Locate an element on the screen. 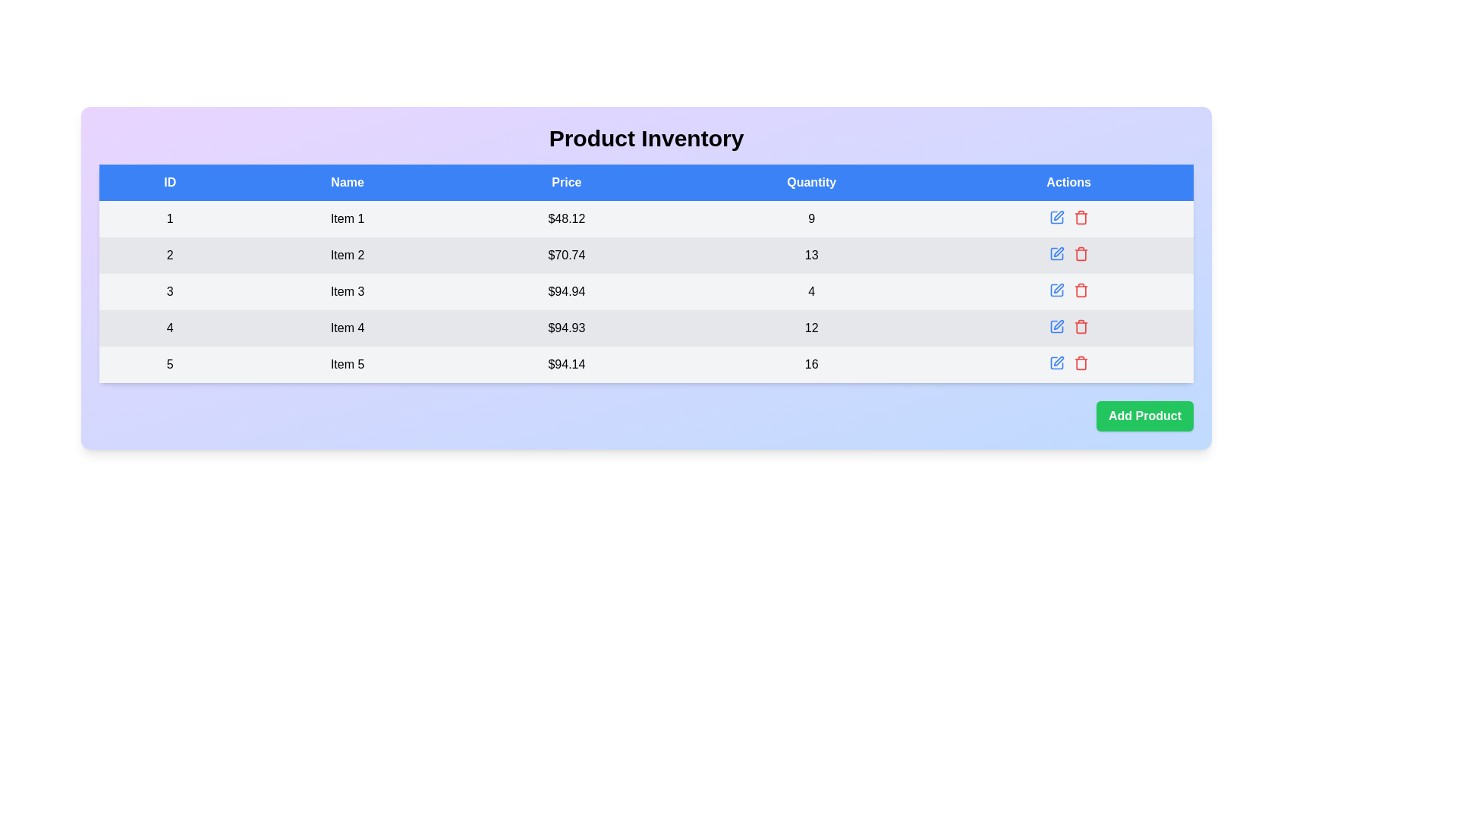 Image resolution: width=1457 pixels, height=819 pixels. the red delete icon in the Control Group for 'Item 5' in the Actions column of the table is located at coordinates (1068, 362).